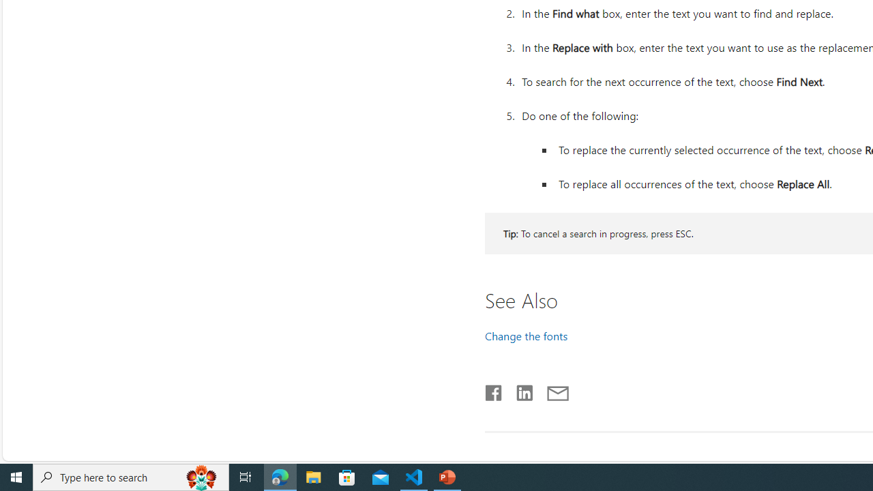  What do you see at coordinates (523, 390) in the screenshot?
I see `'LinkedIn'` at bounding box center [523, 390].